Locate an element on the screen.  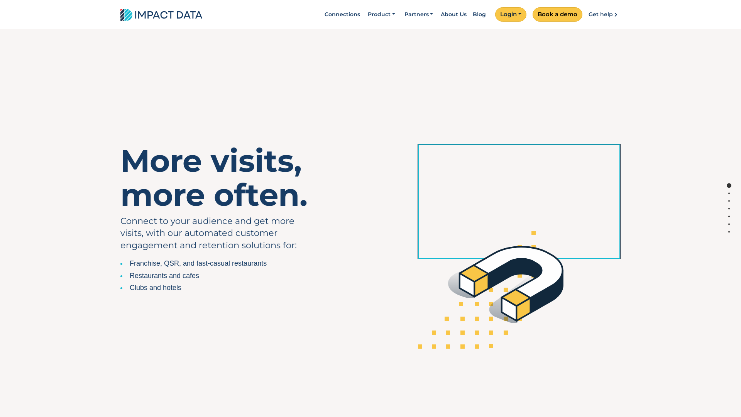
'Section 2' is located at coordinates (729, 193).